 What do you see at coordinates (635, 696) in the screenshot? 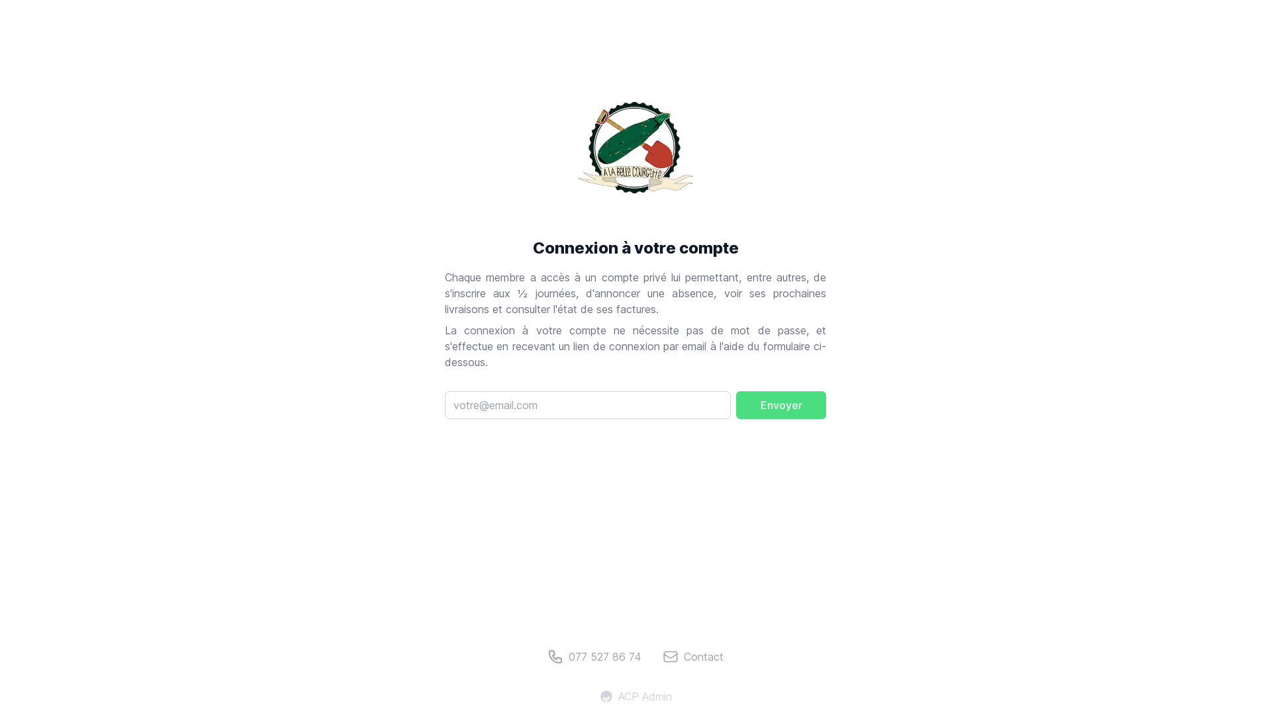
I see `'ACP Admin'` at bounding box center [635, 696].